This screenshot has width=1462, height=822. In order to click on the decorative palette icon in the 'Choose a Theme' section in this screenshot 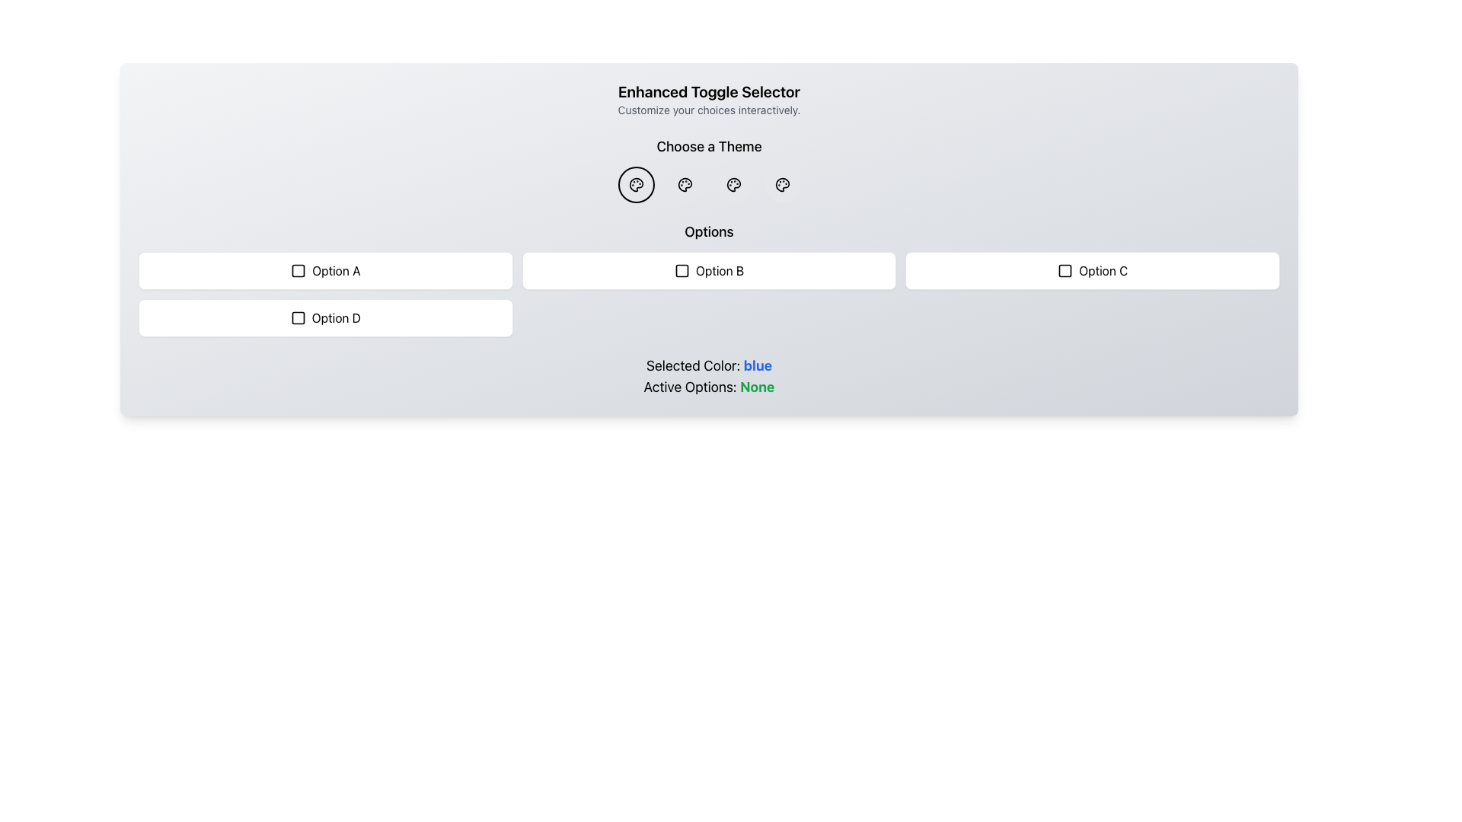, I will do `click(733, 184)`.